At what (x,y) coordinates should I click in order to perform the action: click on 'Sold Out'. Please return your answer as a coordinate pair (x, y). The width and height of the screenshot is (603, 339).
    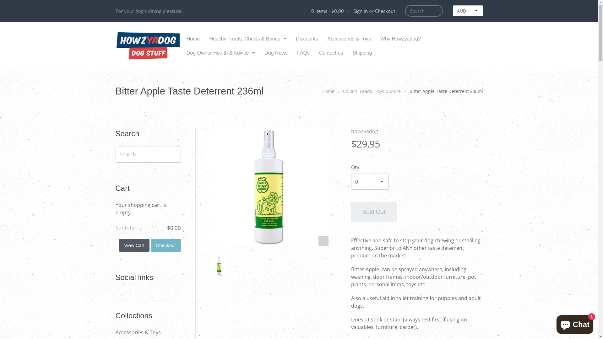
    Looking at the image, I should click on (374, 212).